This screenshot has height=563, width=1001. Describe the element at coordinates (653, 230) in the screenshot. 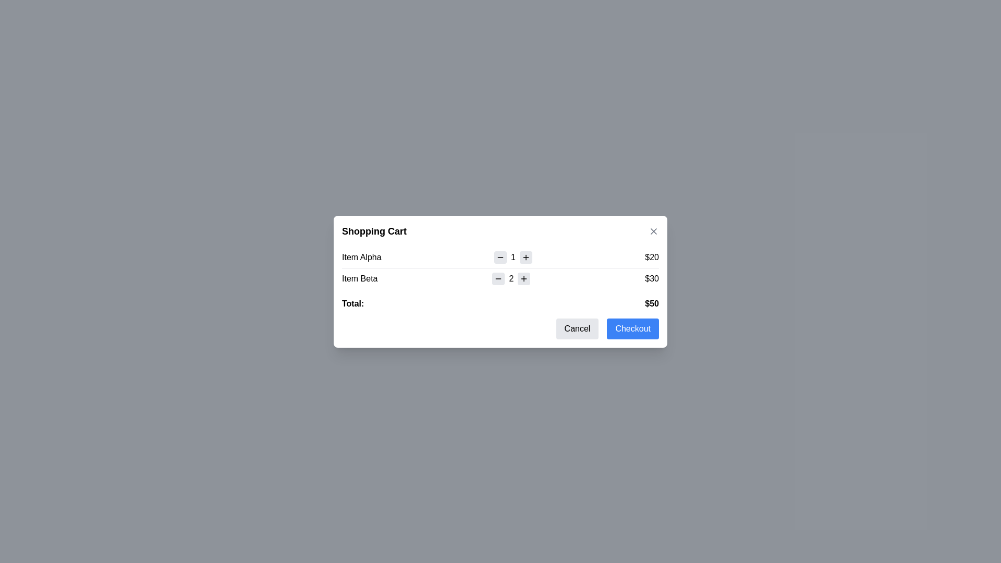

I see `the close button in the top-right corner of the 'Shopping Cart' dialog box` at that location.